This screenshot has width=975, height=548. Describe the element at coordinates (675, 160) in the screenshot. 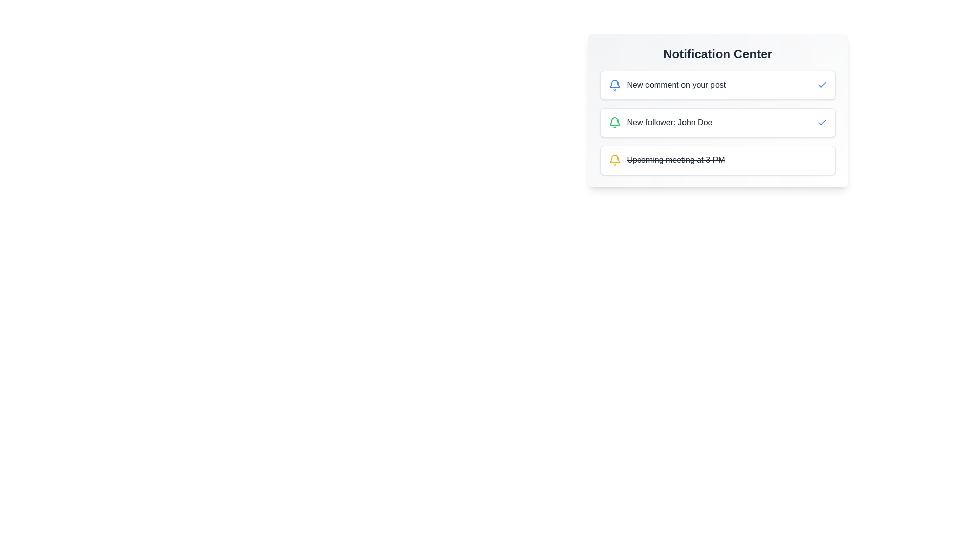

I see `the text label indicating 'Upcoming meeting at 3 PM' in the notification center, which is the third item in a column of notifications` at that location.